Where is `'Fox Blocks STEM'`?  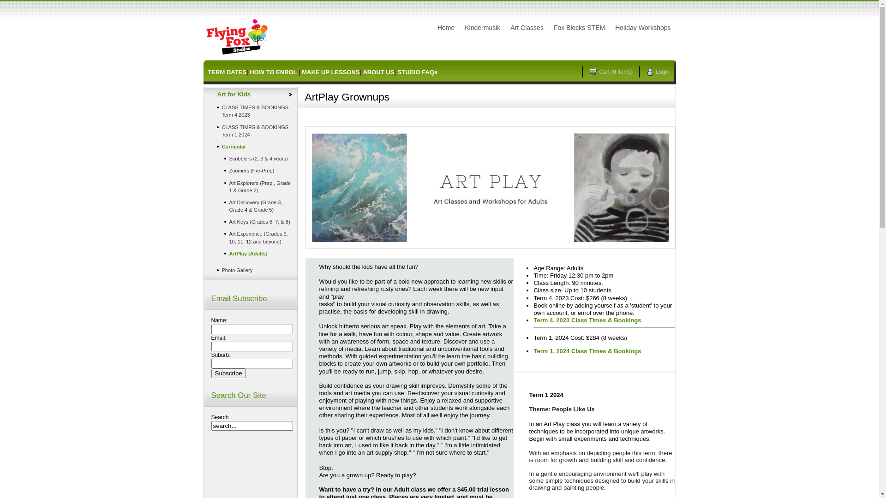 'Fox Blocks STEM' is located at coordinates (579, 27).